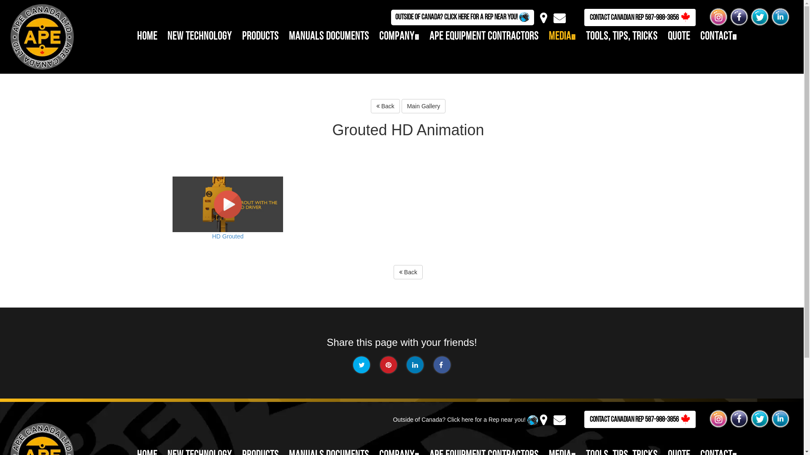 The image size is (810, 455). I want to click on 'Follow us on Facebook', so click(739, 16).